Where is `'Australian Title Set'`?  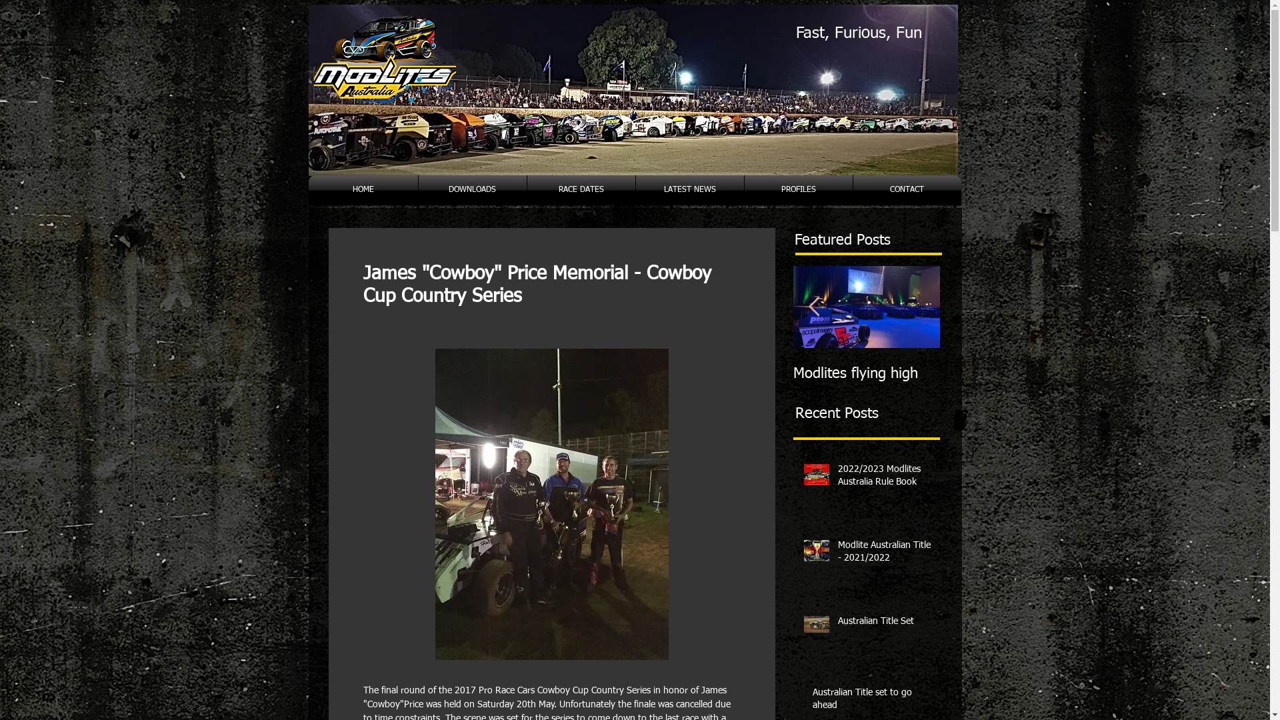
'Australian Title Set' is located at coordinates (885, 625).